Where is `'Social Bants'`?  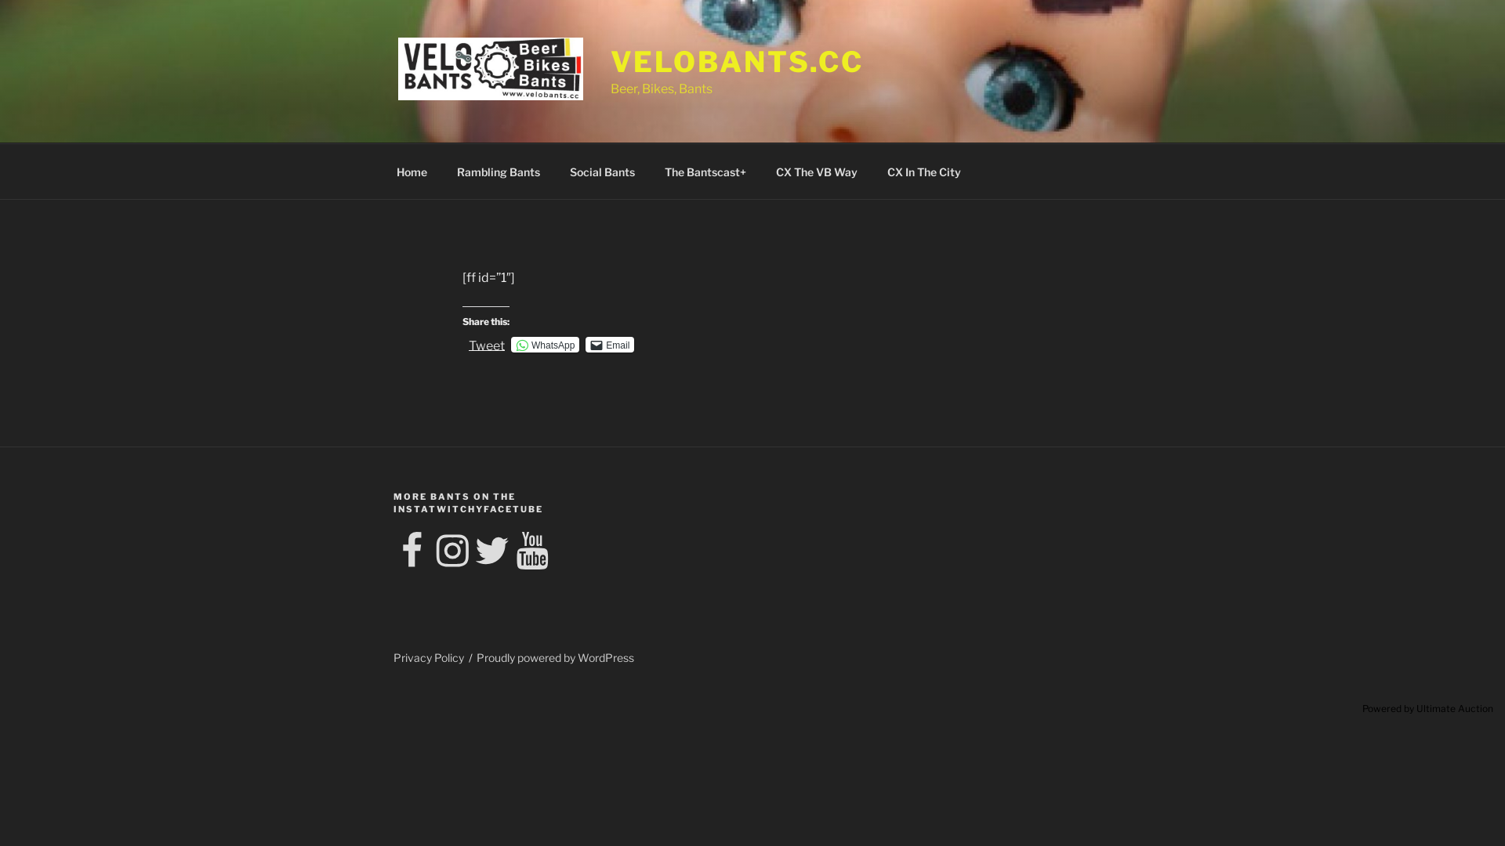
'Social Bants' is located at coordinates (601, 171).